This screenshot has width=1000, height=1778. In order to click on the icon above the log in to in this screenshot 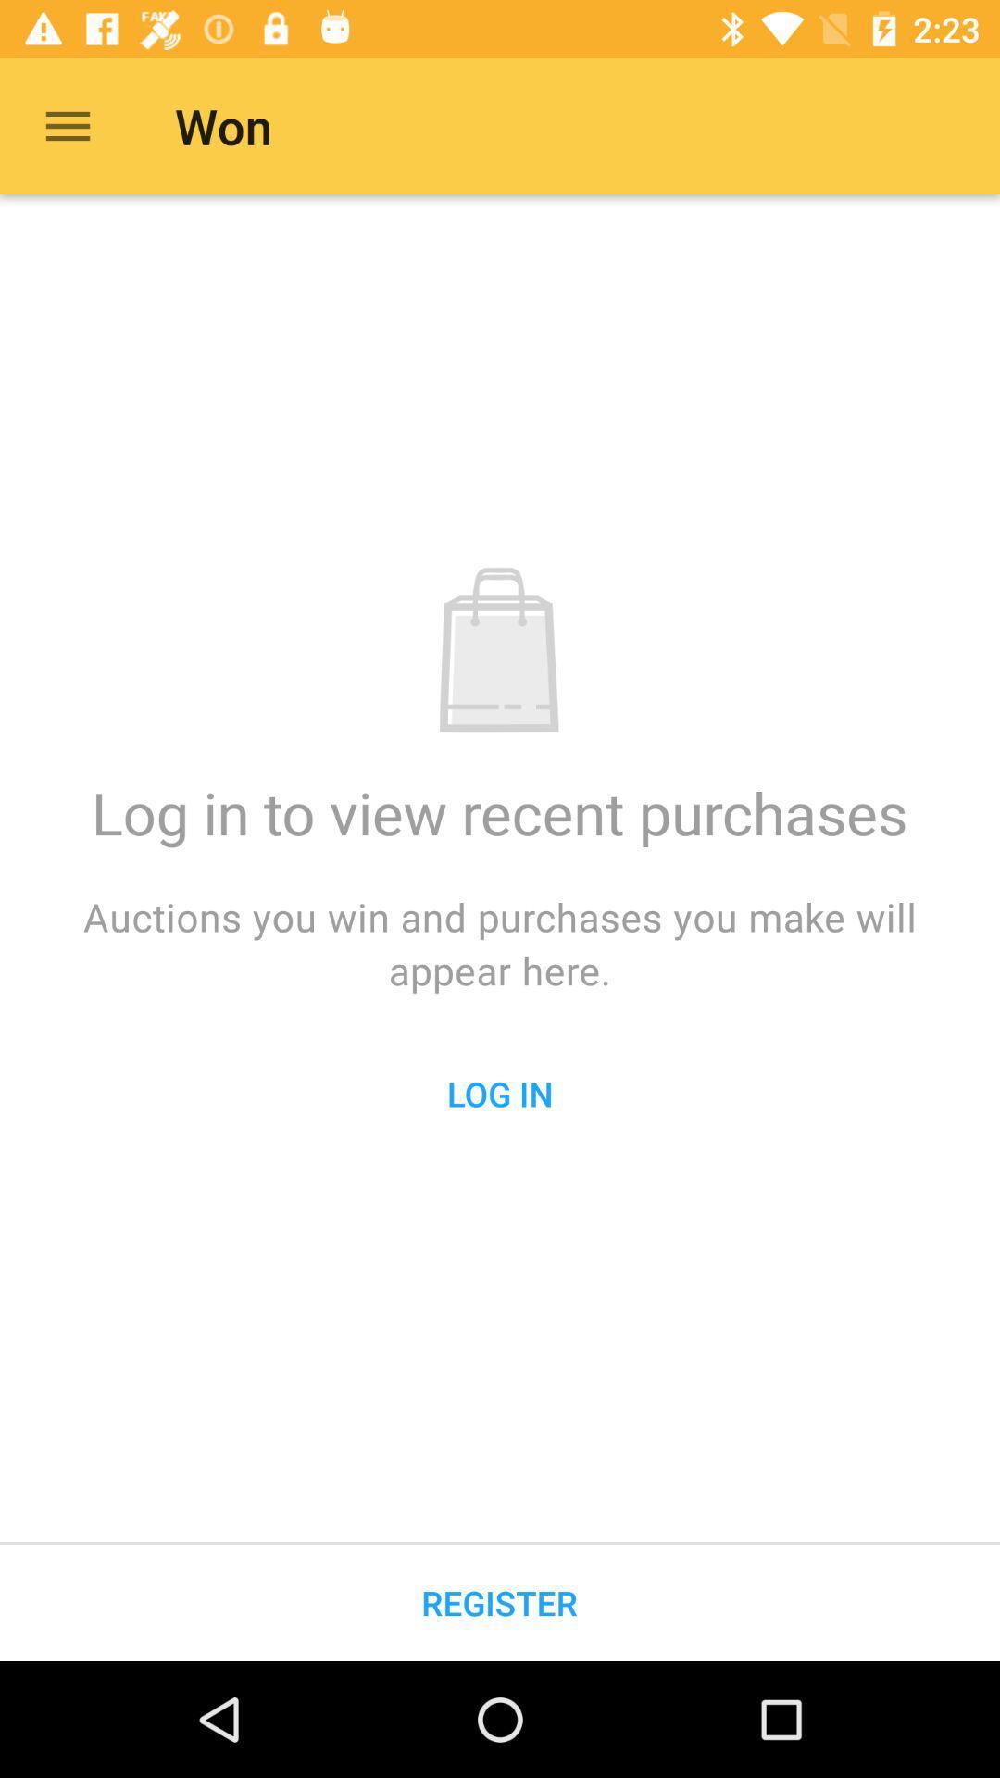, I will do `click(67, 125)`.